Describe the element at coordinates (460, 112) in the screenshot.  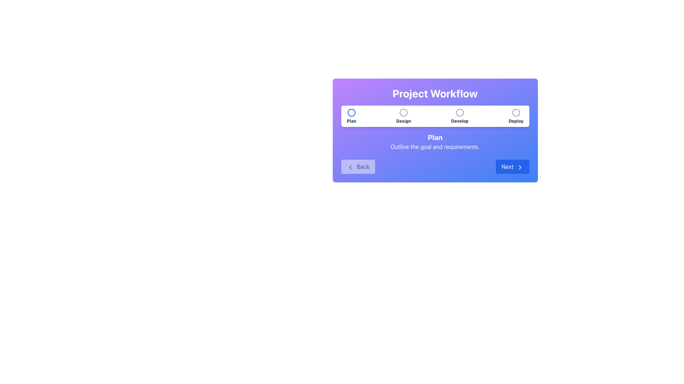
I see `the gray circular indicator in the workflow navigation bar located at the third step labeled 'Develop'` at that location.